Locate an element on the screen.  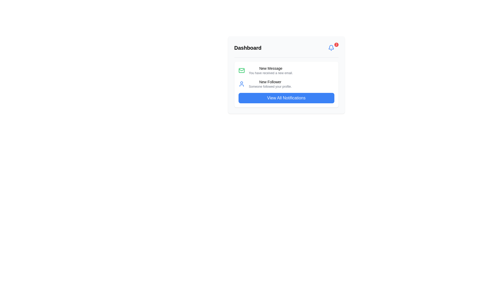
the user-related notification icon located to the immediate left of the 'New Follower' text segment is located at coordinates (241, 84).